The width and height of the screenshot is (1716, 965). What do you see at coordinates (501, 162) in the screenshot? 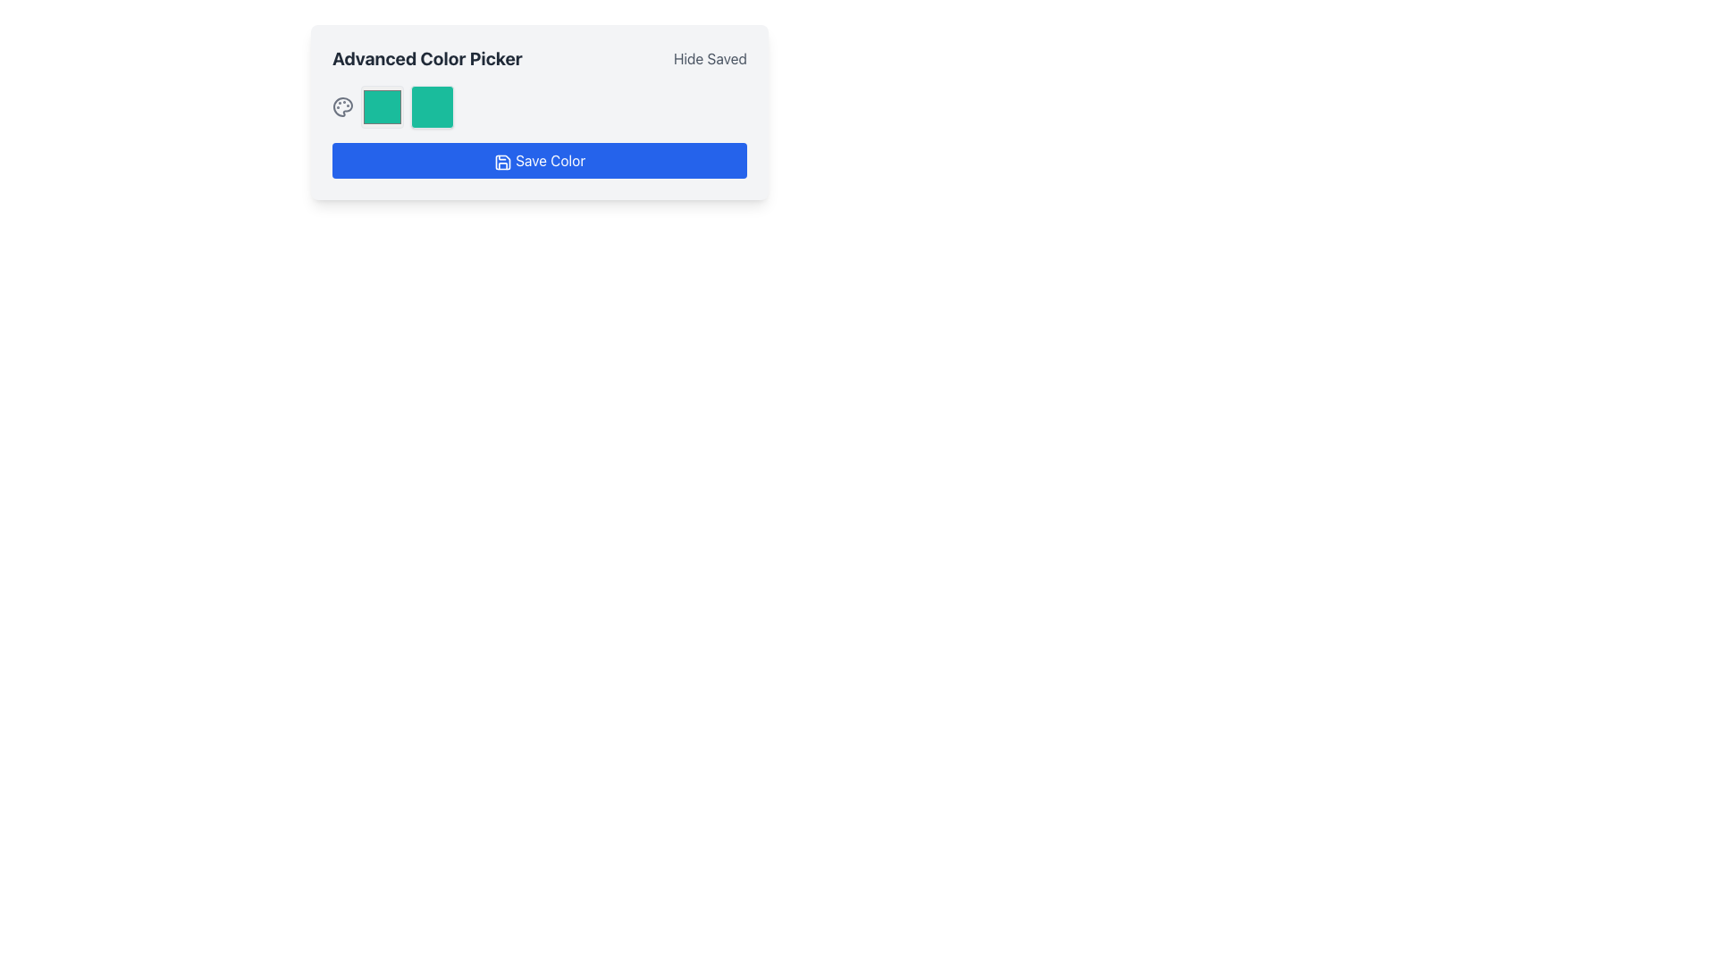
I see `the save icon located on the left side of the 'Save Color' button` at bounding box center [501, 162].